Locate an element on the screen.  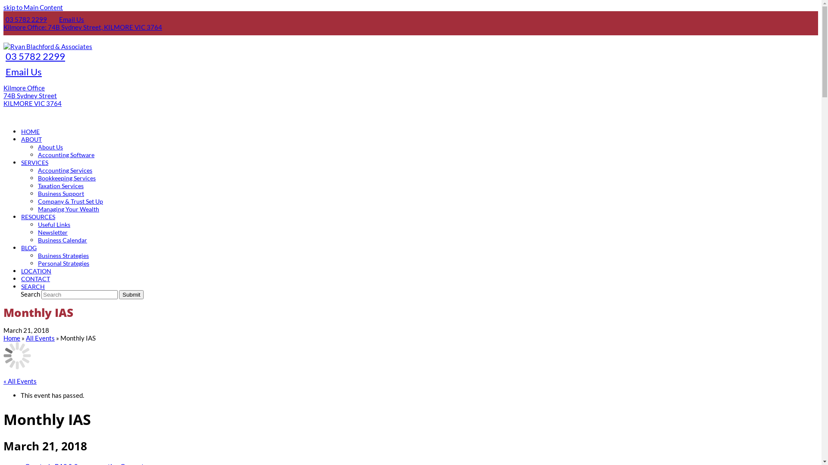
'BLOG' is located at coordinates (29, 247).